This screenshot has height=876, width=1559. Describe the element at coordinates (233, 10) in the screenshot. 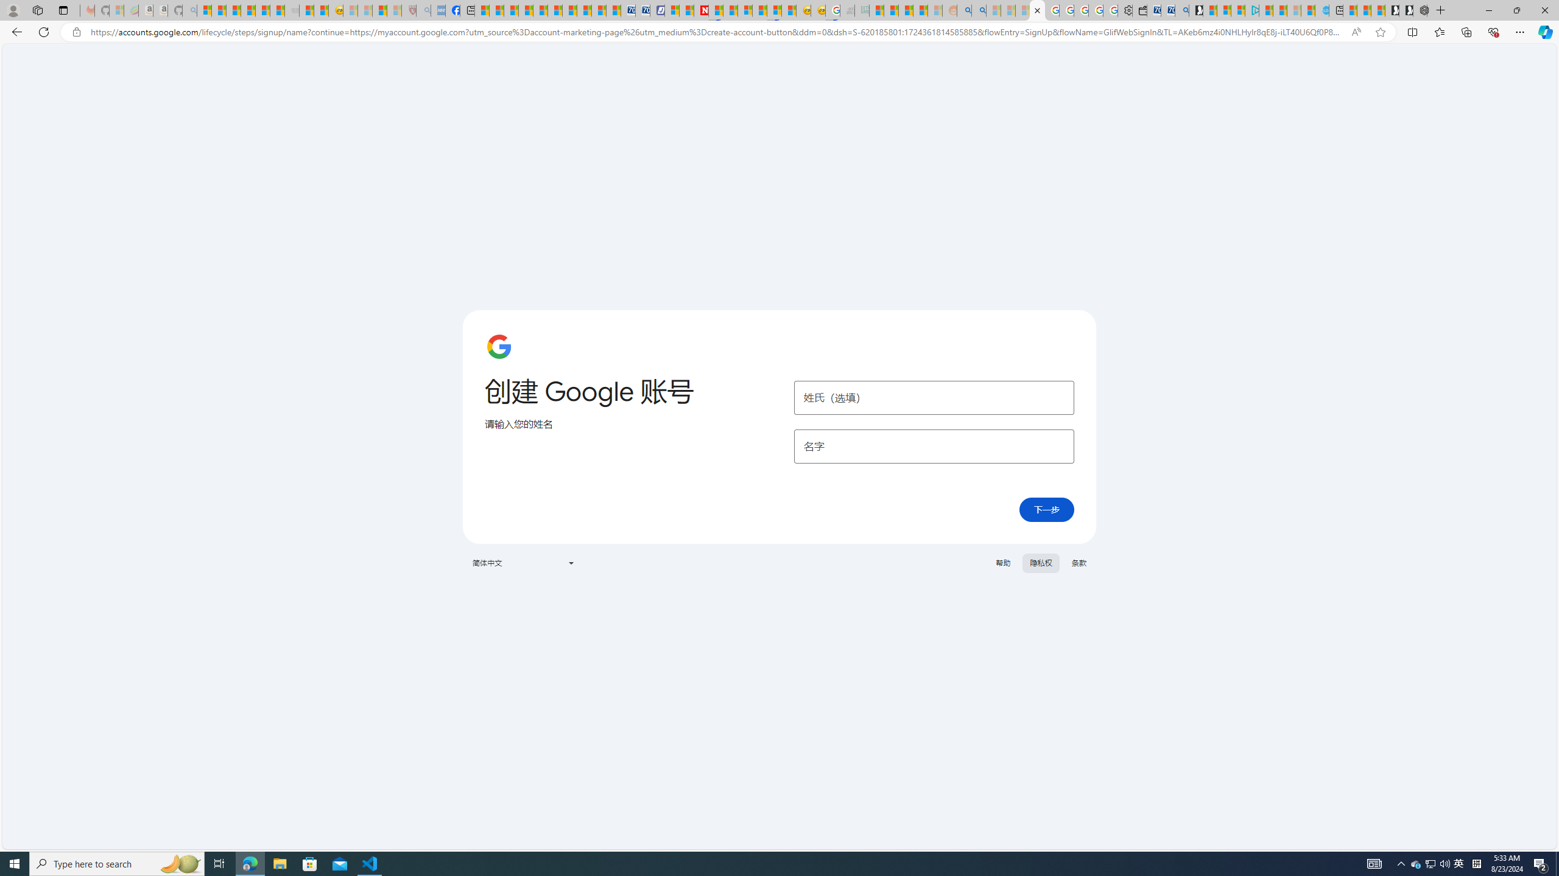

I see `'The Weather Channel - MSN'` at that location.